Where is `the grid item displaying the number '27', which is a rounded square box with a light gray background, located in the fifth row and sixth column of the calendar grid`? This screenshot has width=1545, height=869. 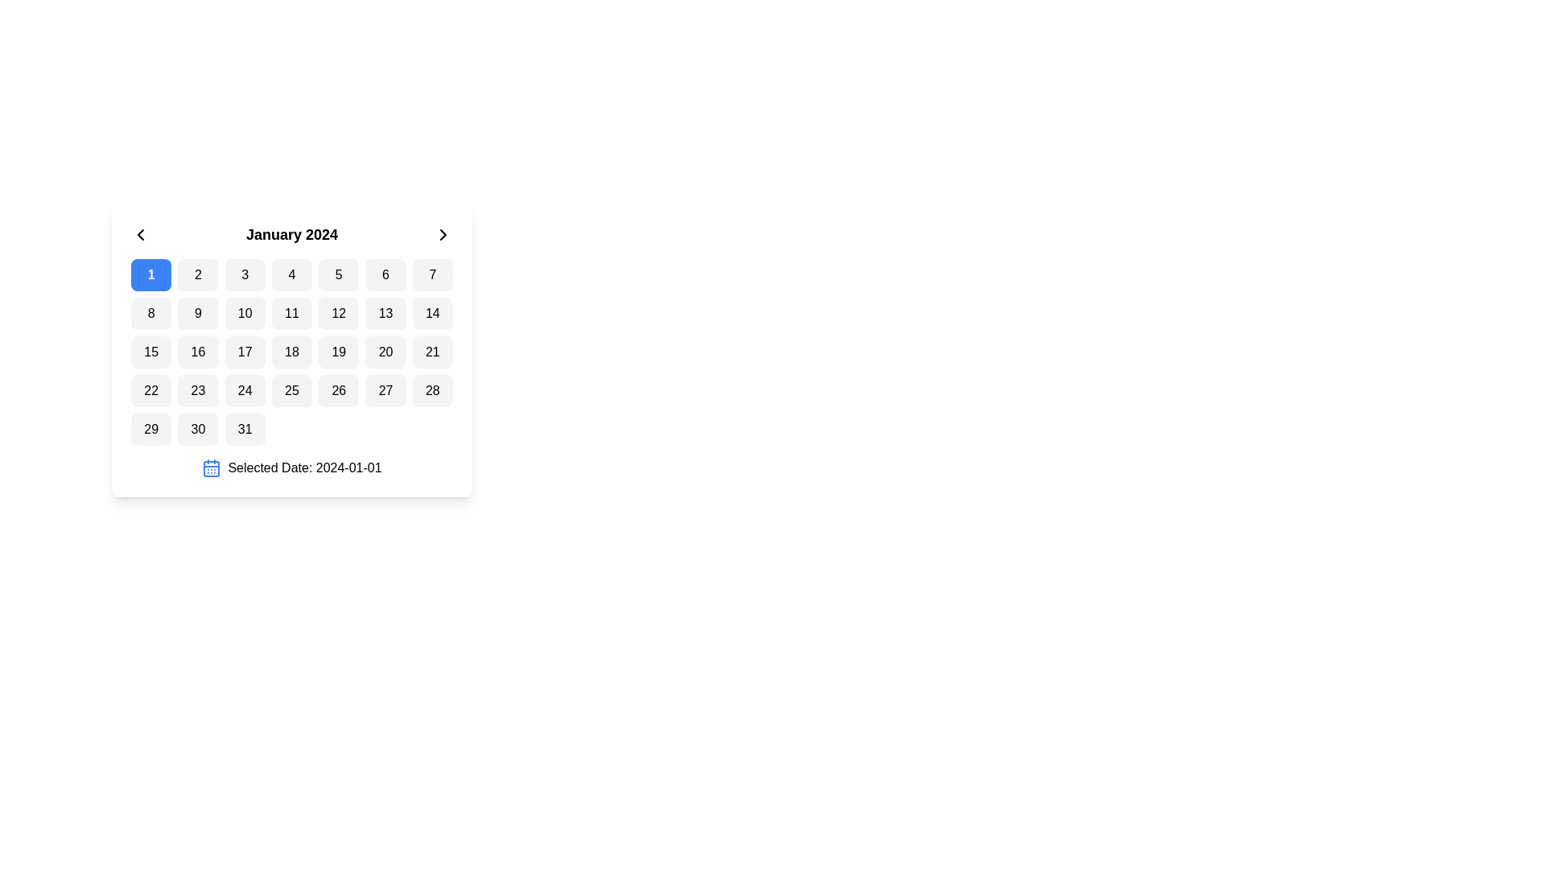 the grid item displaying the number '27', which is a rounded square box with a light gray background, located in the fifth row and sixth column of the calendar grid is located at coordinates (385, 391).